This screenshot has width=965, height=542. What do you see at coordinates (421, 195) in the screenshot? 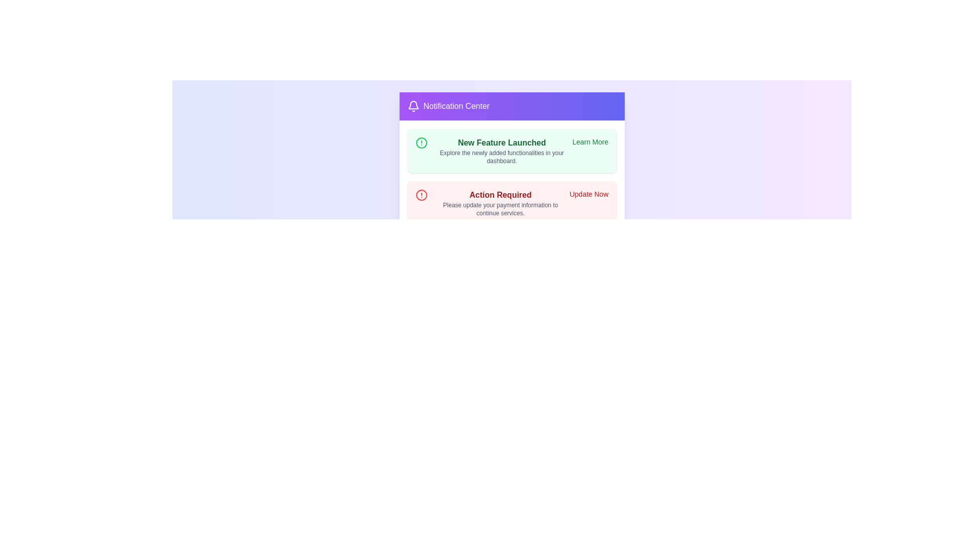
I see `the alert icon located to the left of the 'Action Required' notification within the red-highlighted alert box` at bounding box center [421, 195].